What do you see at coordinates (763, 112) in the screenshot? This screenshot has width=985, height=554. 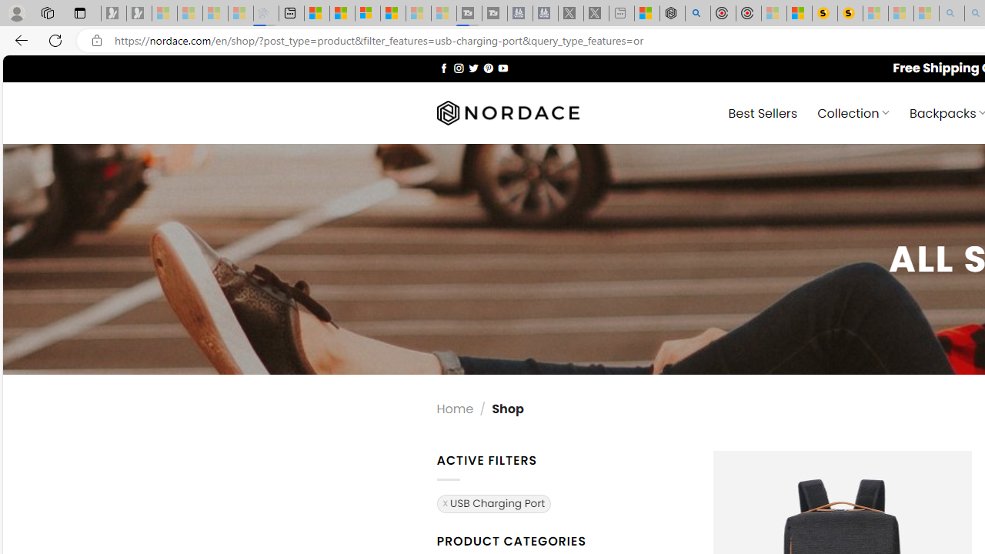 I see `' Best Sellers'` at bounding box center [763, 112].